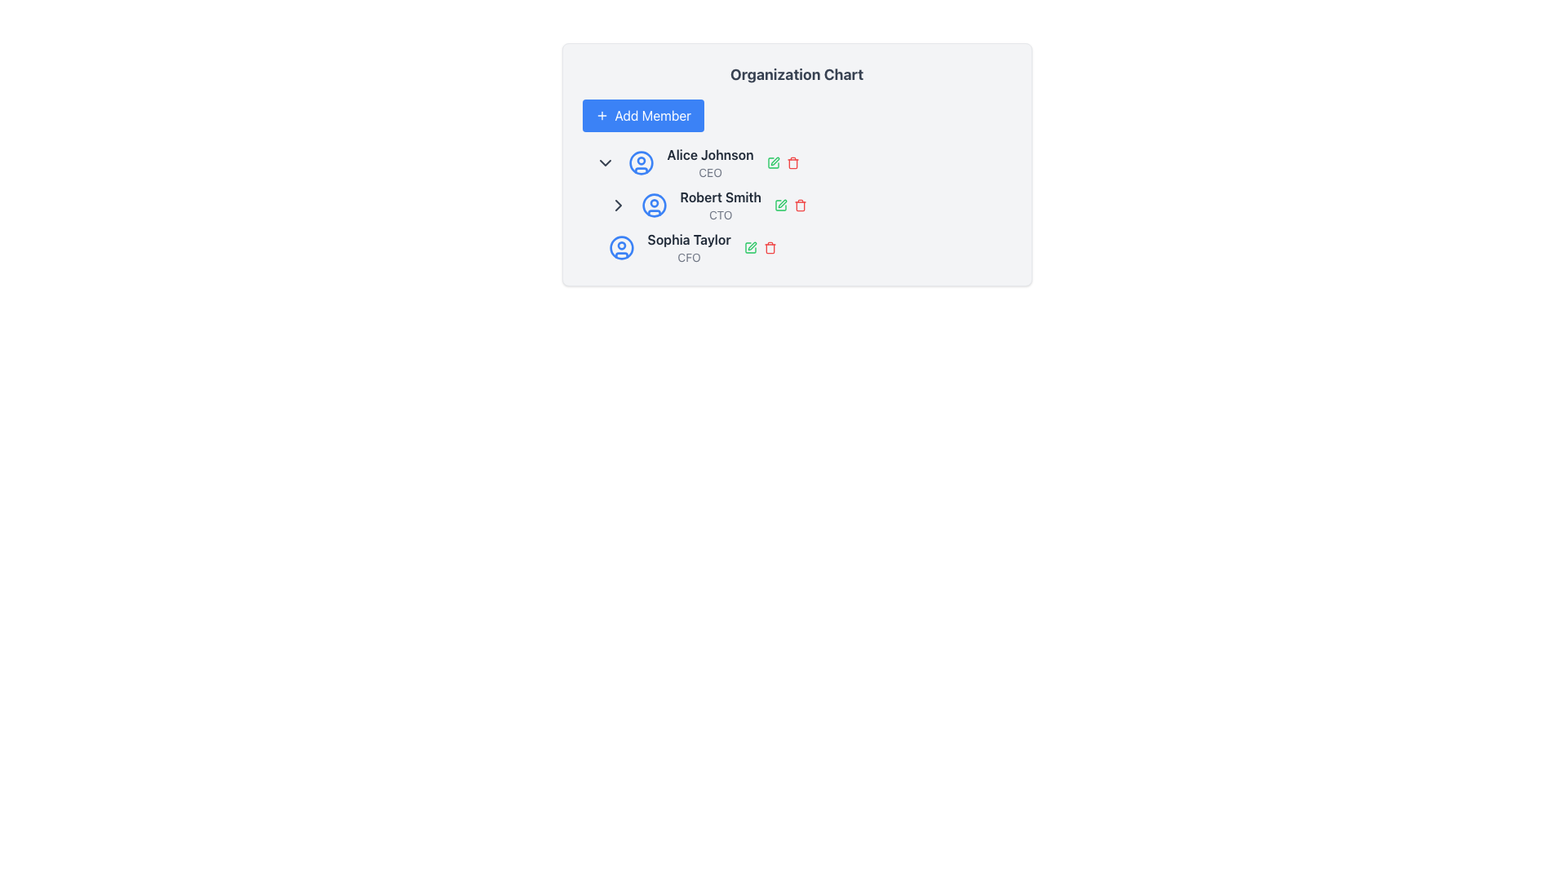 This screenshot has width=1567, height=881. I want to click on to select or expand the member representing the CTO in the organizational chart, positioned between 'Alice Johnson' and 'Sophia Taylor', so click(810, 204).